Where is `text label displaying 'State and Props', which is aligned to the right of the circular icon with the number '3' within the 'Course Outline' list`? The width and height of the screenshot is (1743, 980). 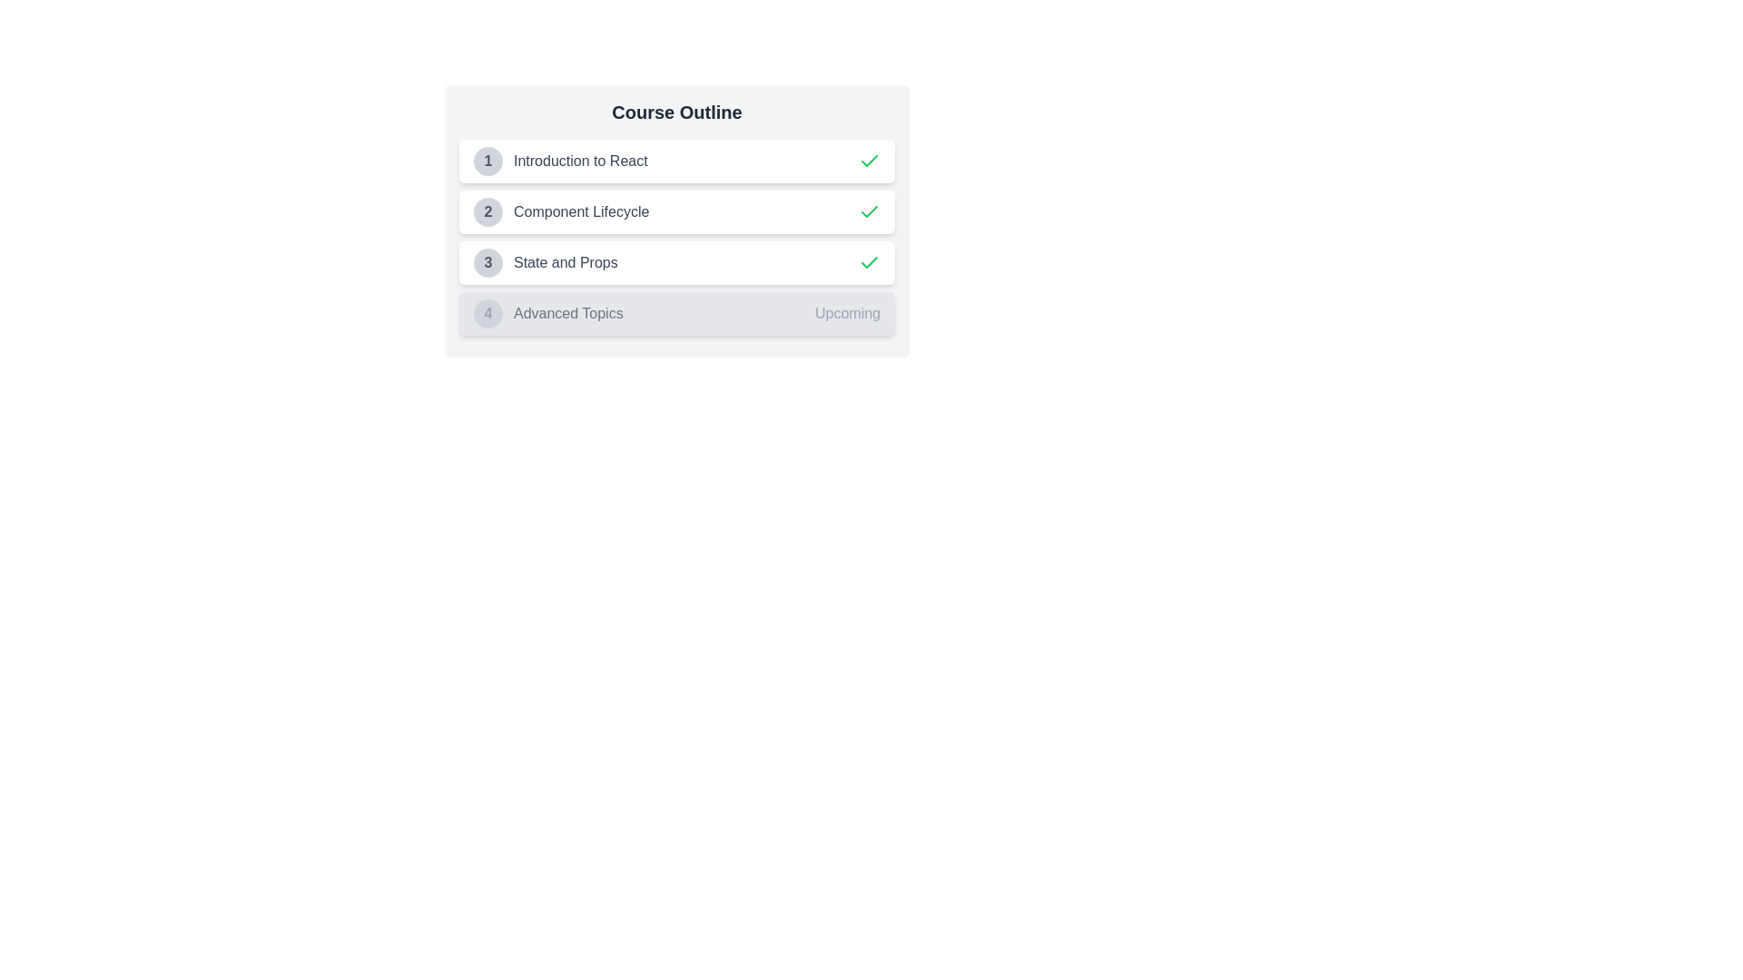 text label displaying 'State and Props', which is aligned to the right of the circular icon with the number '3' within the 'Course Outline' list is located at coordinates (565, 262).